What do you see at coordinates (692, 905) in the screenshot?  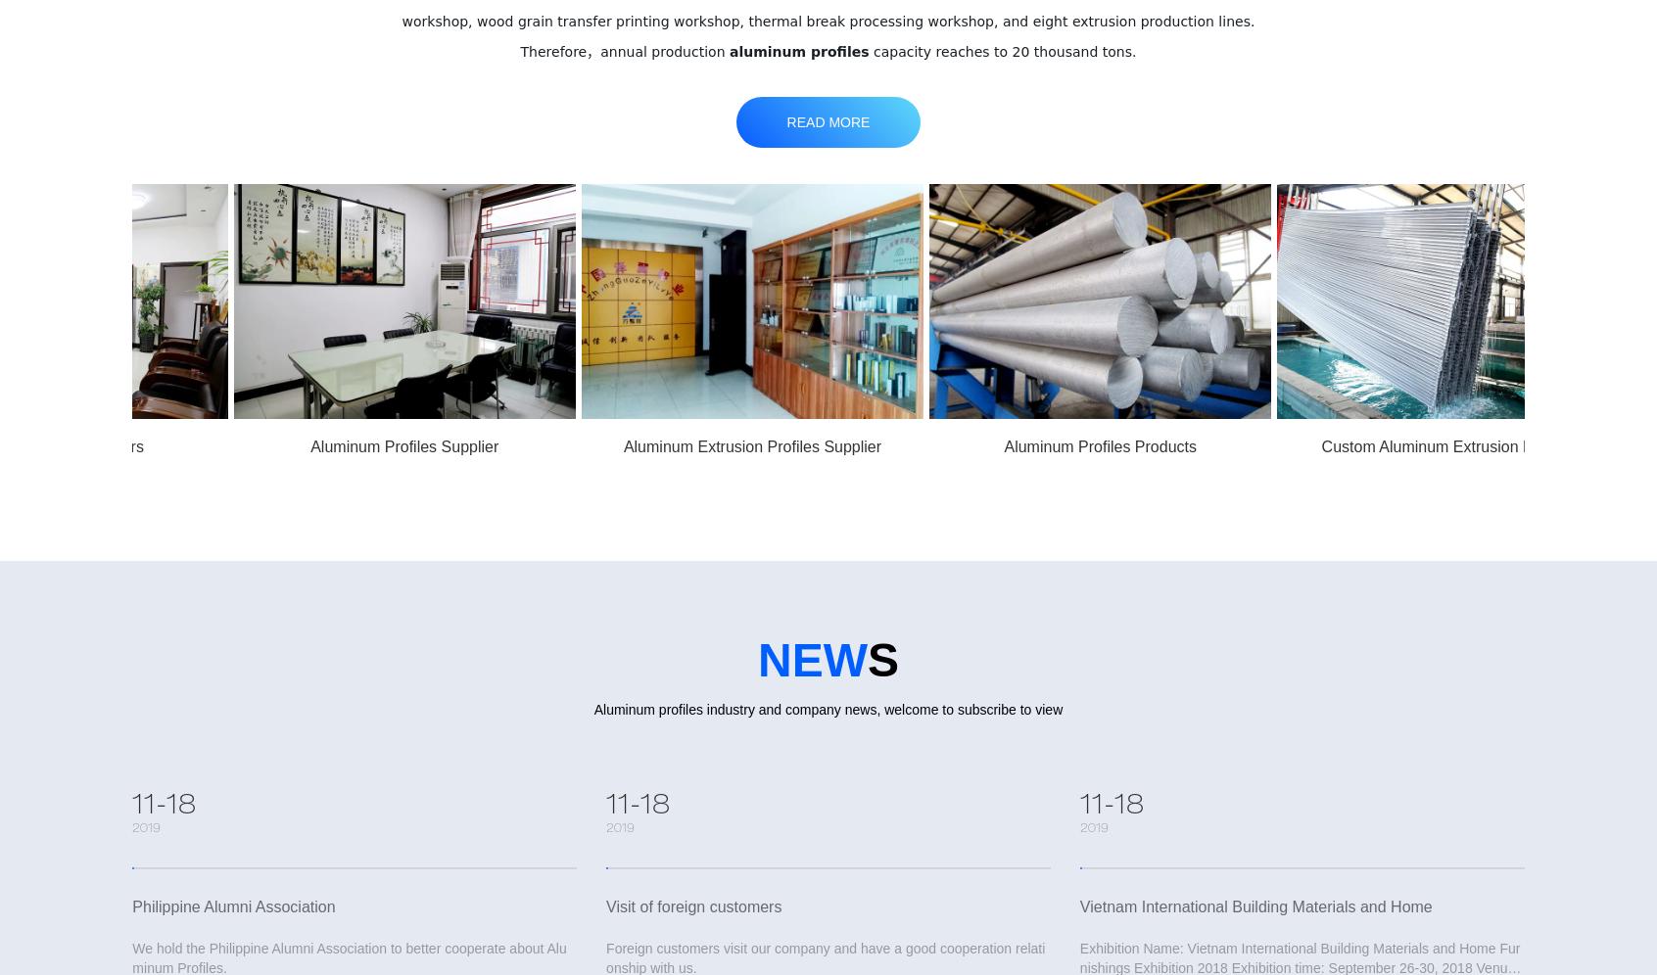 I see `'Visit of foreign customers'` at bounding box center [692, 905].